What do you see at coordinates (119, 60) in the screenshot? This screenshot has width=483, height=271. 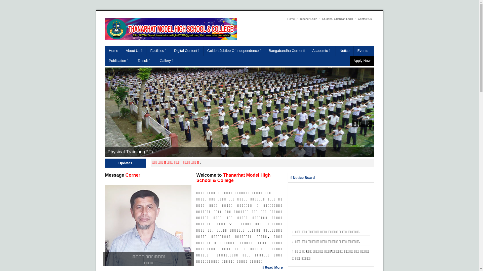 I see `'Publication'` at bounding box center [119, 60].